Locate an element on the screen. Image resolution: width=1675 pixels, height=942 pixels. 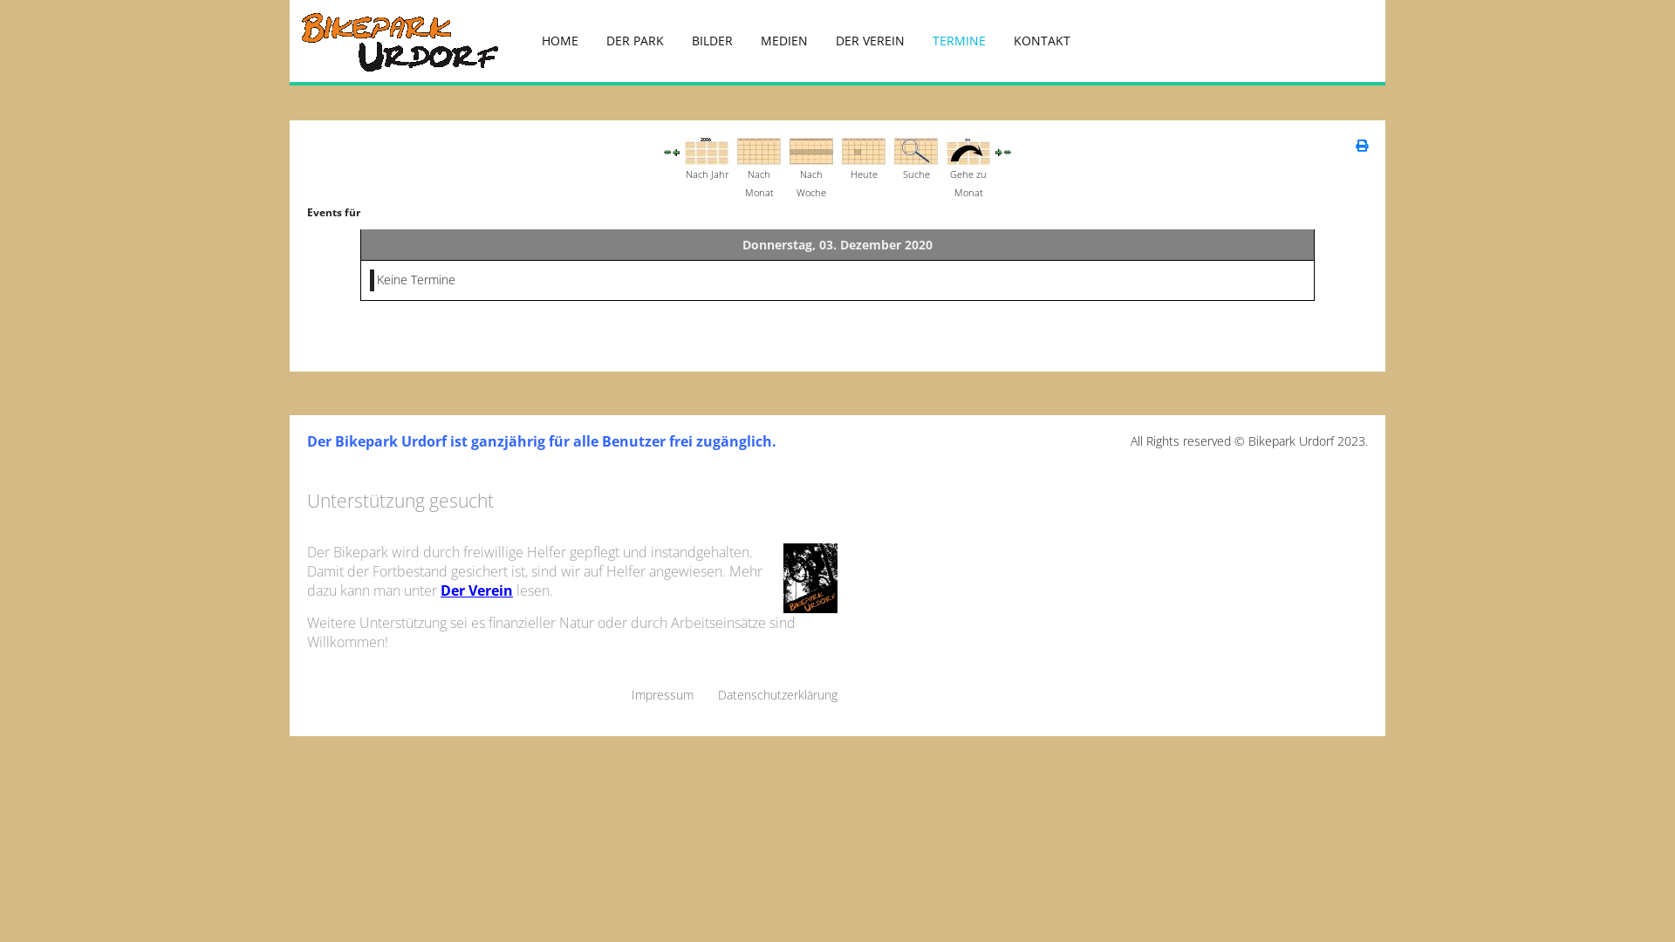
'BILDER' is located at coordinates (712, 39).